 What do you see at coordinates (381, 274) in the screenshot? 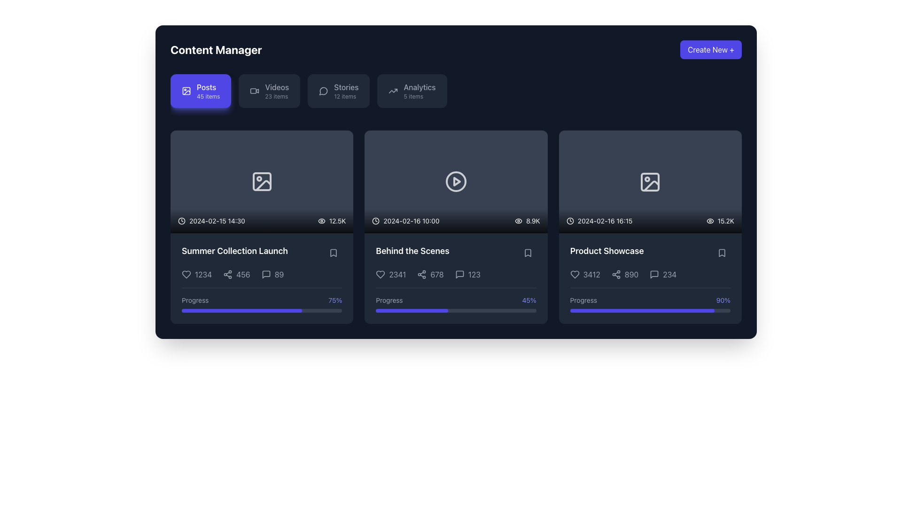
I see `the small, dark heart-shaped icon with a hollow center located in the lower section of the 'Behind the Scenes' card, to the left of the numerical indication '2341' for additional information` at bounding box center [381, 274].